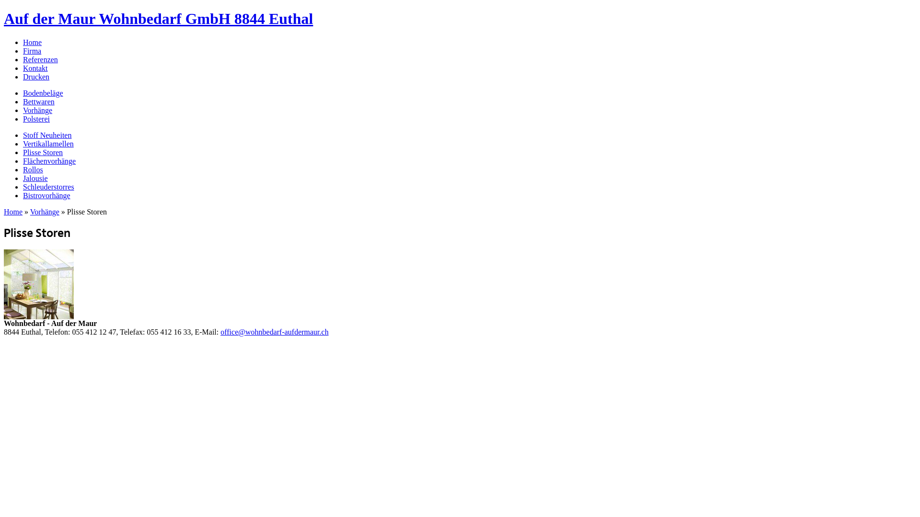 The image size is (920, 517). I want to click on 'Drucken', so click(23, 76).